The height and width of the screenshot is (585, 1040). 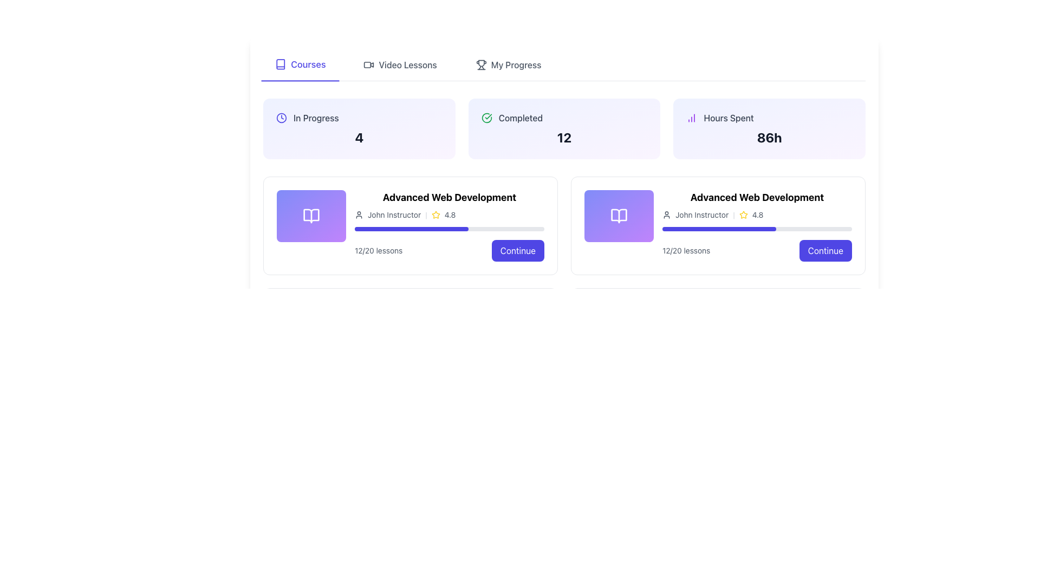 What do you see at coordinates (756, 229) in the screenshot?
I see `the horizontal progress bar located beneath the text 'Advanced Web Development' and 'John Instructor | 4.8' within the learning card` at bounding box center [756, 229].